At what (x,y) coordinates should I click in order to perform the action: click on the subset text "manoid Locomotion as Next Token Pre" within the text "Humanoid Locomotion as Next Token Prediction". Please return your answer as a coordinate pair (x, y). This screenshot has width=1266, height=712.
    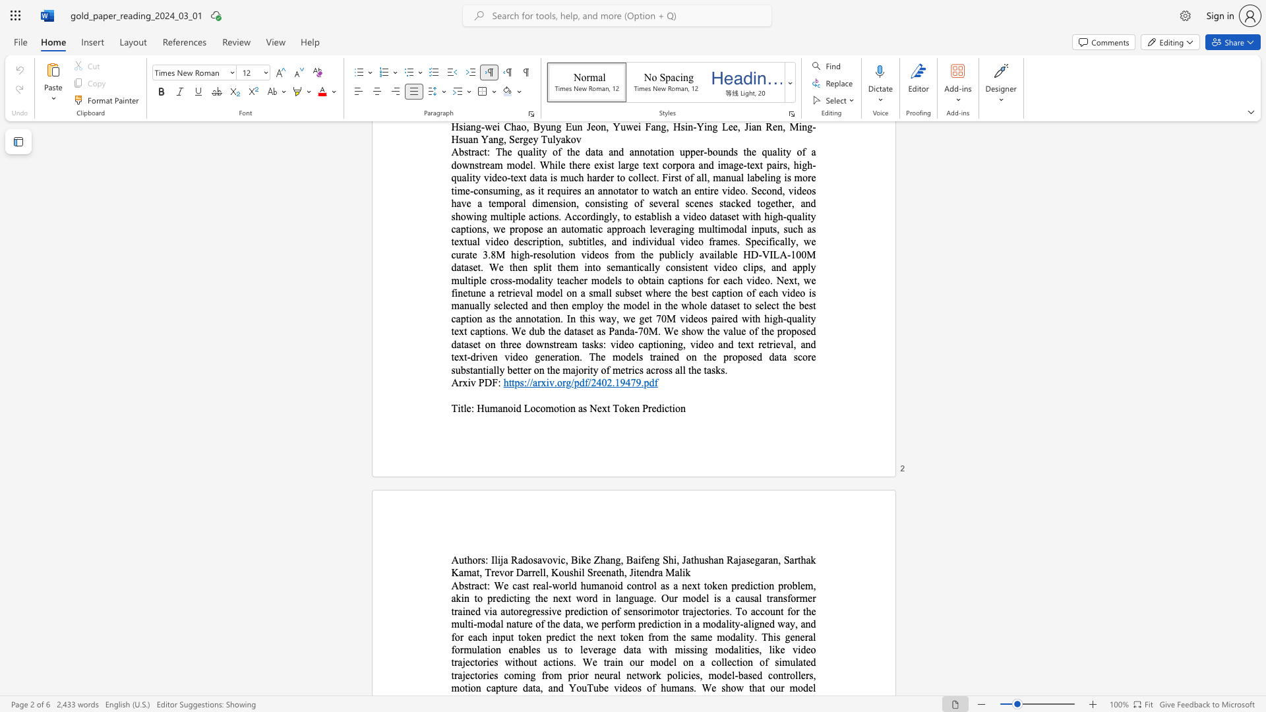
    Looking at the image, I should click on (489, 407).